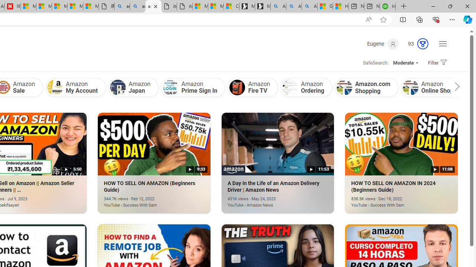 The height and width of the screenshot is (267, 476). What do you see at coordinates (405, 62) in the screenshot?
I see `'Moderate SafeSearch:'` at bounding box center [405, 62].